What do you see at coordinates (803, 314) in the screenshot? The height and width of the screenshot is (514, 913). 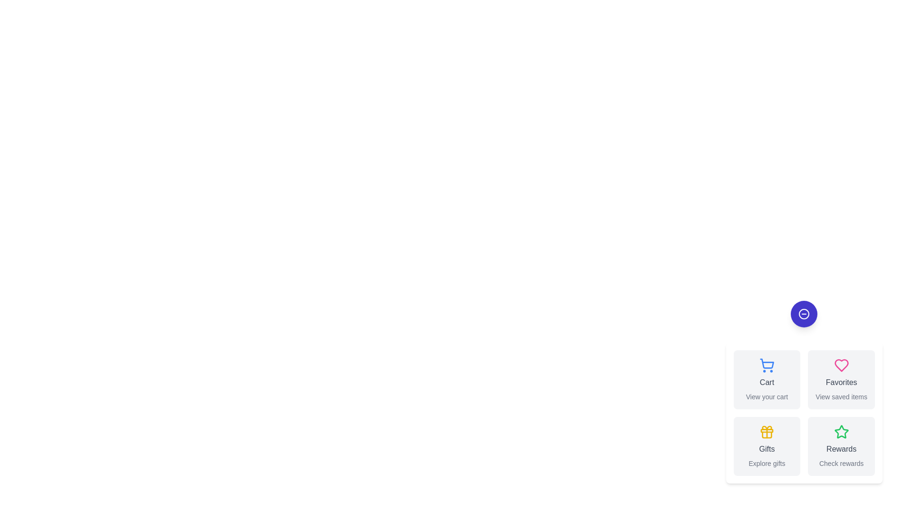 I see `the toggle button to close the speed dial menu` at bounding box center [803, 314].